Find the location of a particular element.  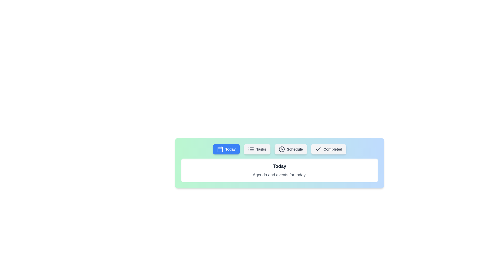

the tab labeled Tasks to view its hover effect is located at coordinates (257, 149).